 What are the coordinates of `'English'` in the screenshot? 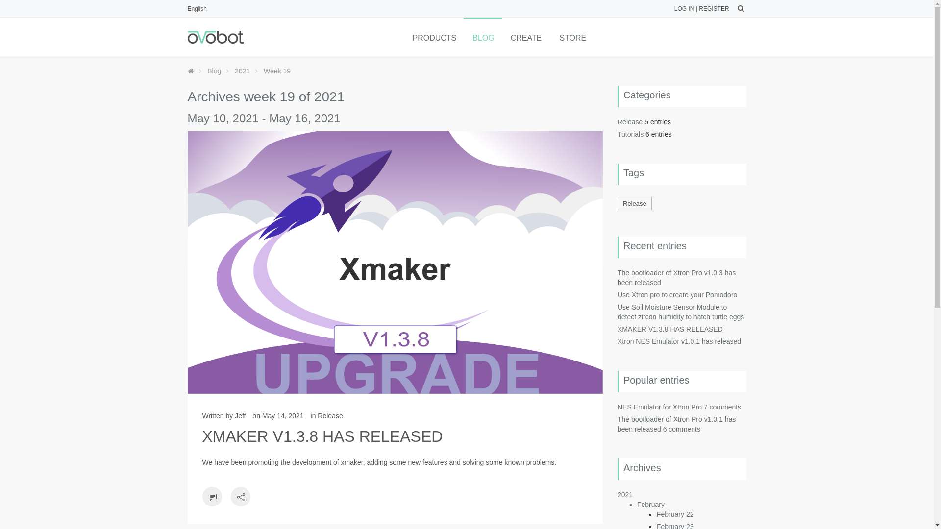 It's located at (196, 9).